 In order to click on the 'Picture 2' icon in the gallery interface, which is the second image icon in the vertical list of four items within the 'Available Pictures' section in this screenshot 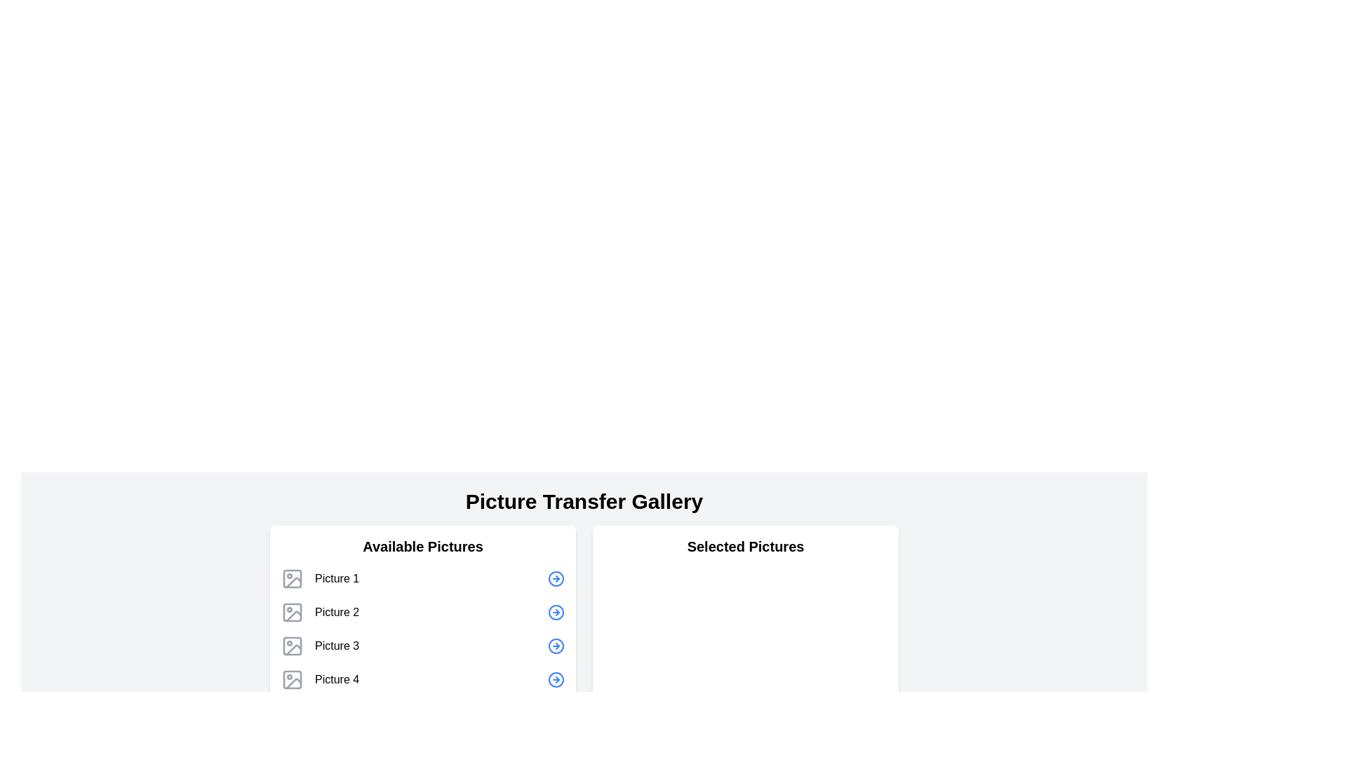, I will do `click(292, 612)`.